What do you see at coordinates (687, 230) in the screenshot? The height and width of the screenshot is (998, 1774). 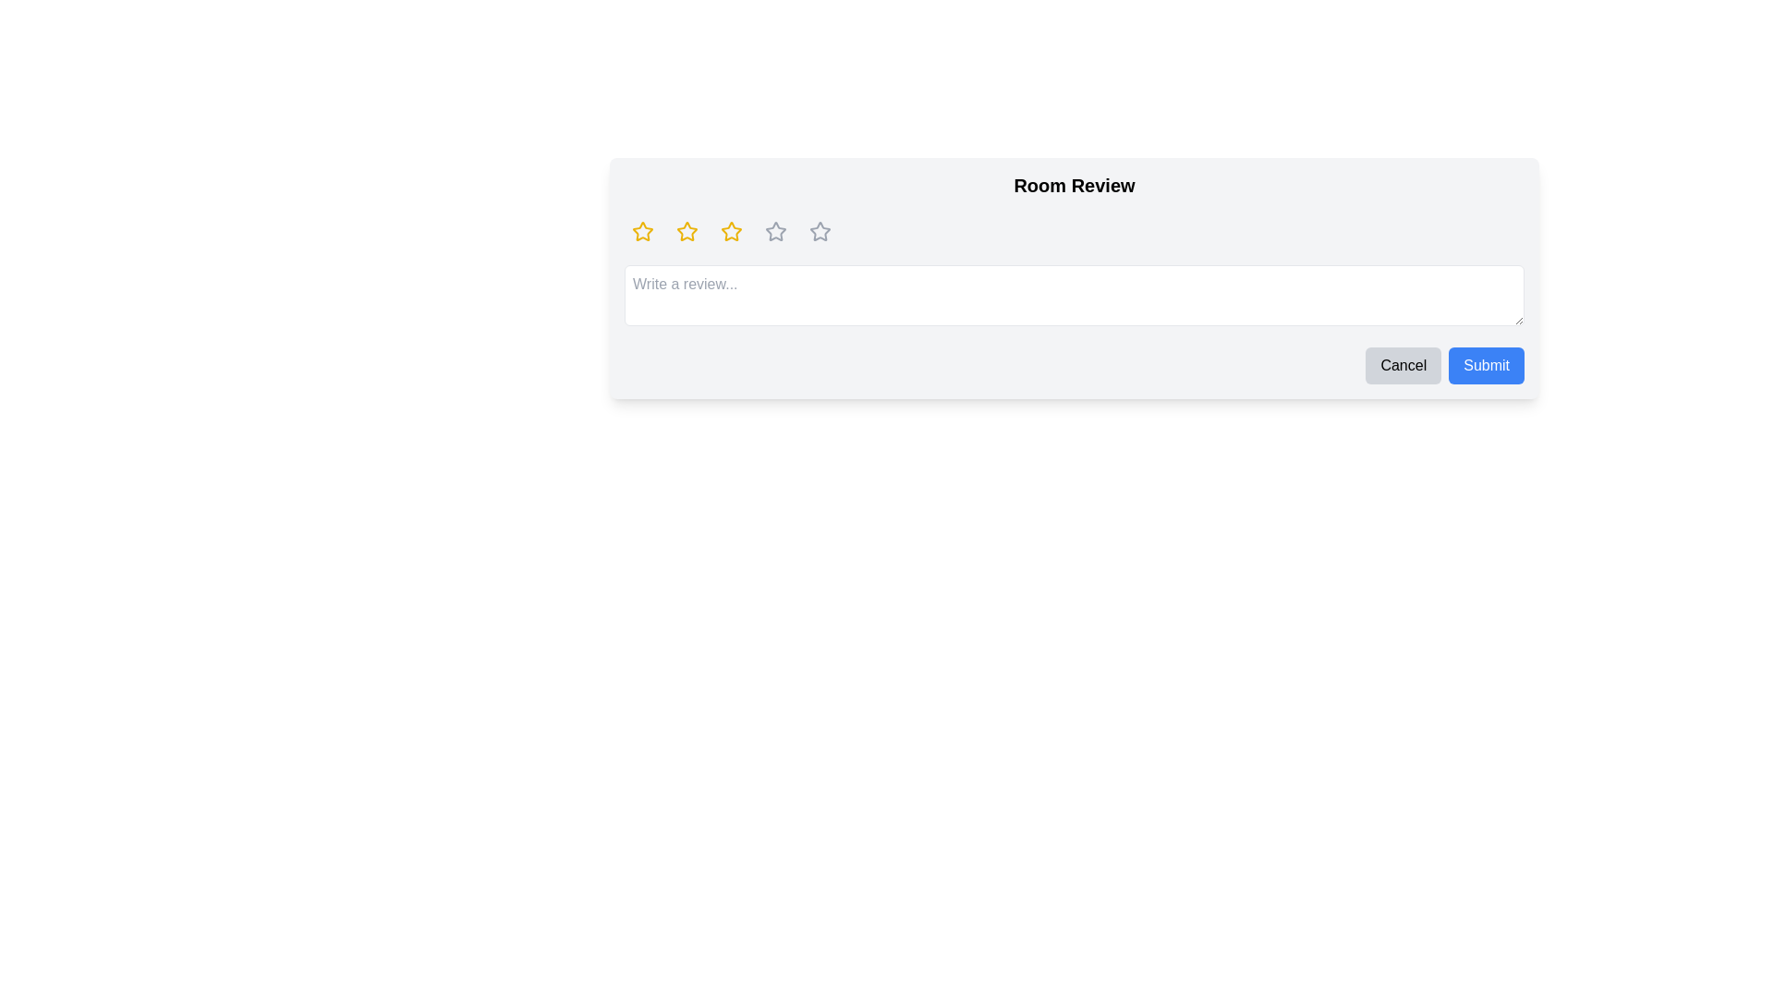 I see `the second star-shaped icon in the horizontal sequence of five stars to rate as two stars` at bounding box center [687, 230].